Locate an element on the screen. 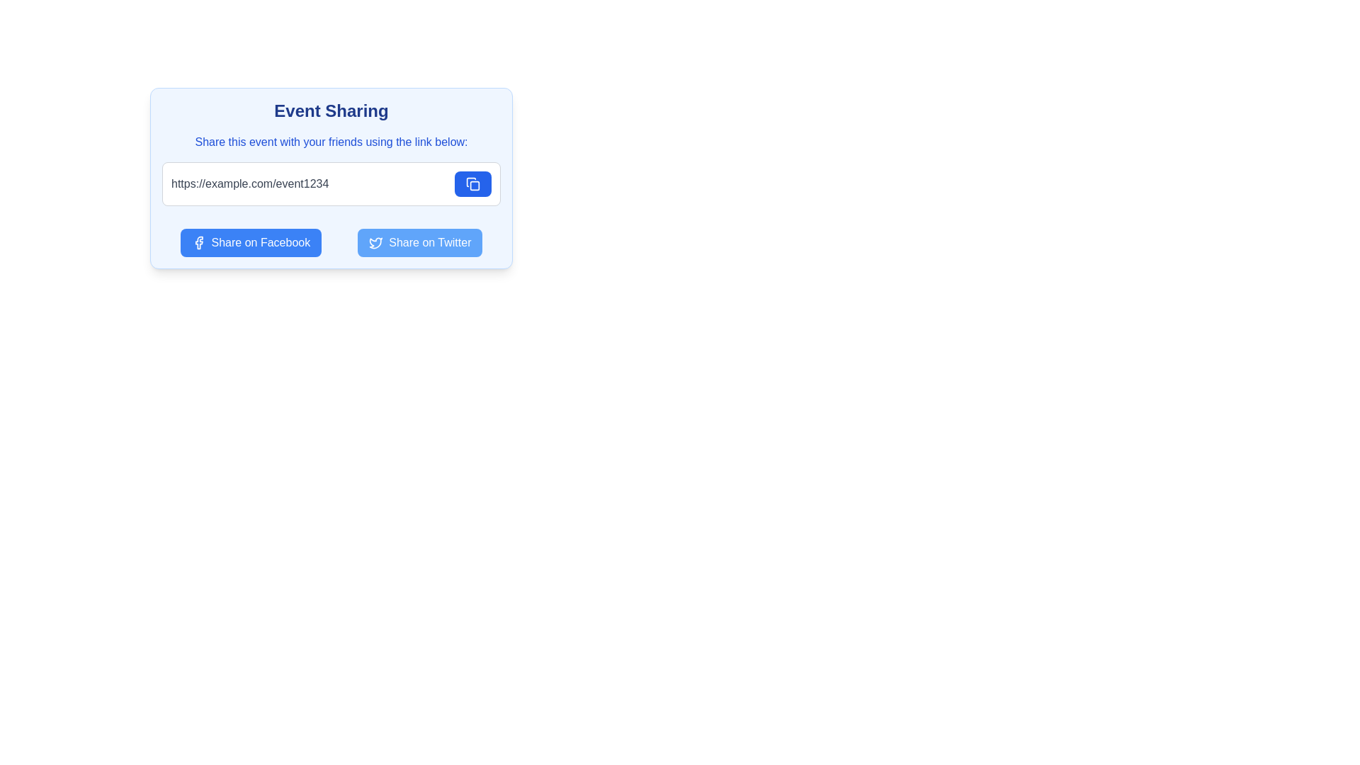 The image size is (1360, 765). the Twitter share button located to the right of the Facebook share button, which displays a hover effect is located at coordinates (419, 242).